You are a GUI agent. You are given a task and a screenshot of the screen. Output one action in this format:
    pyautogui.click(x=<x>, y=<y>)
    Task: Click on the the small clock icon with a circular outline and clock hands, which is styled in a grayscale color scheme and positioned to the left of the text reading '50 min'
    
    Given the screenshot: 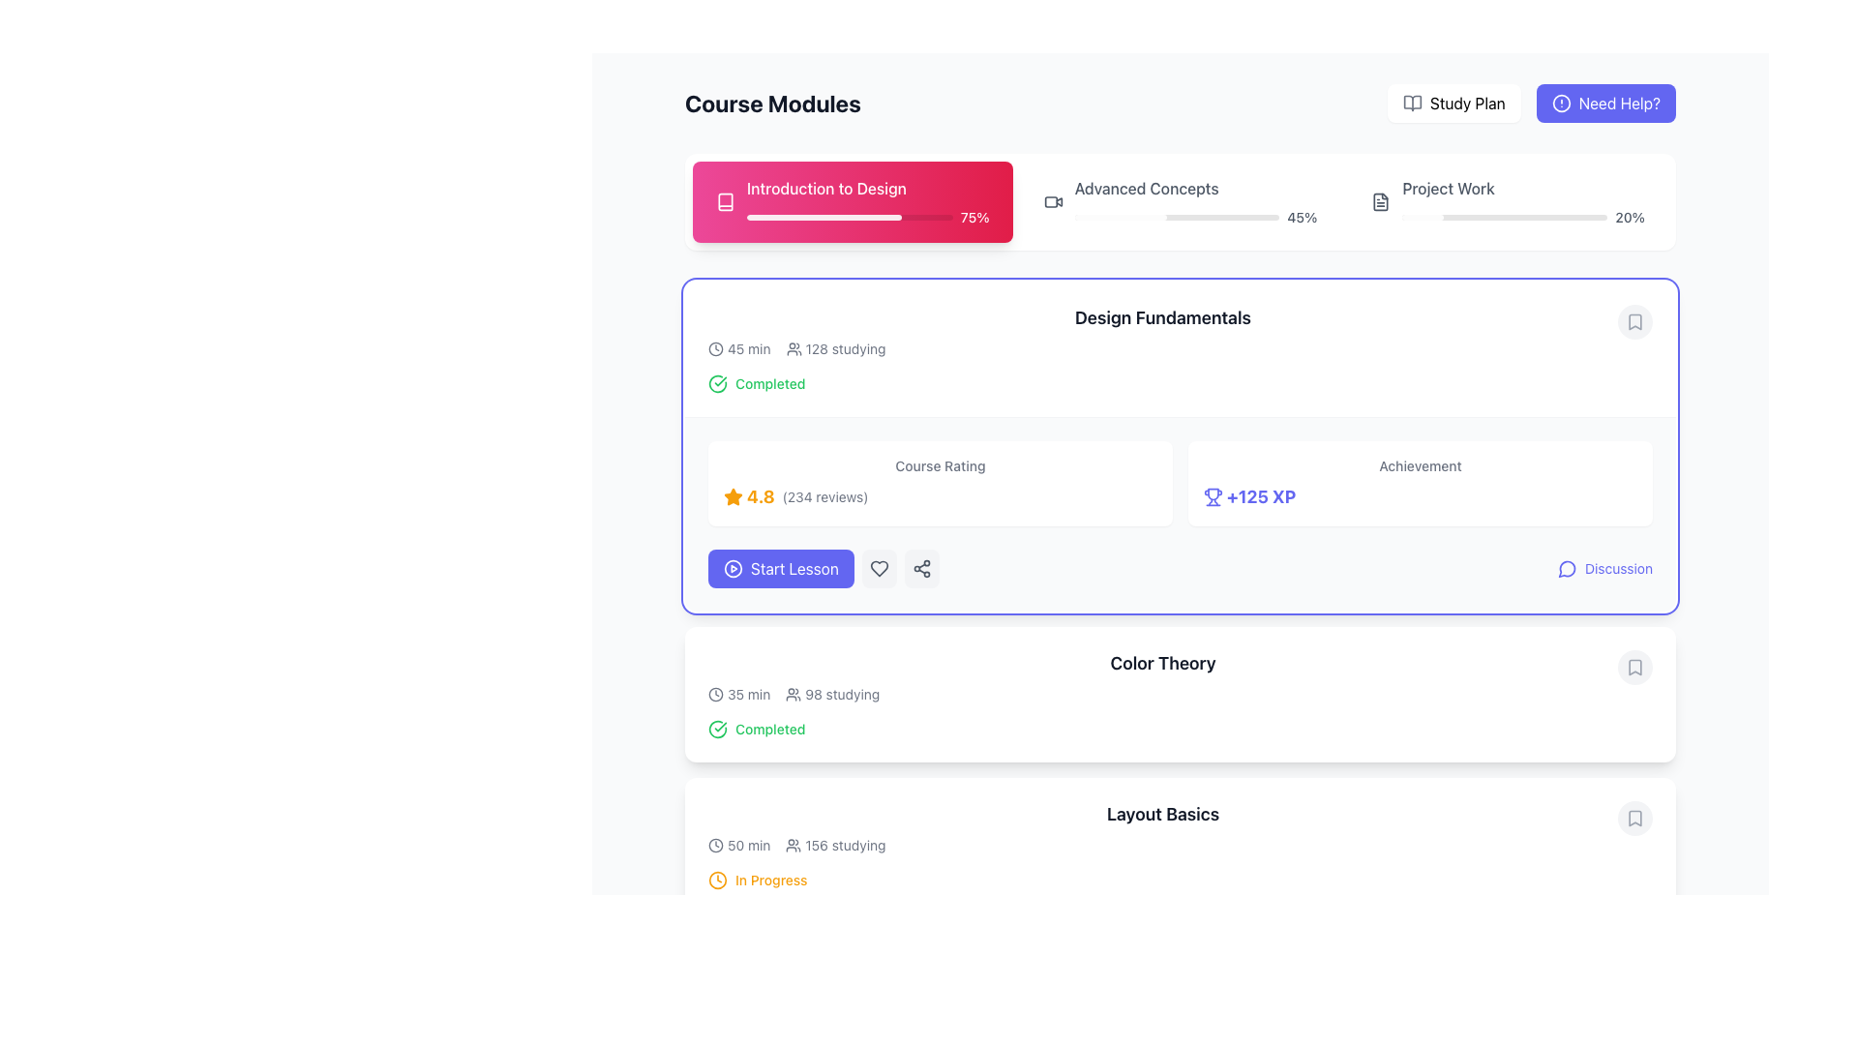 What is the action you would take?
    pyautogui.click(x=714, y=845)
    